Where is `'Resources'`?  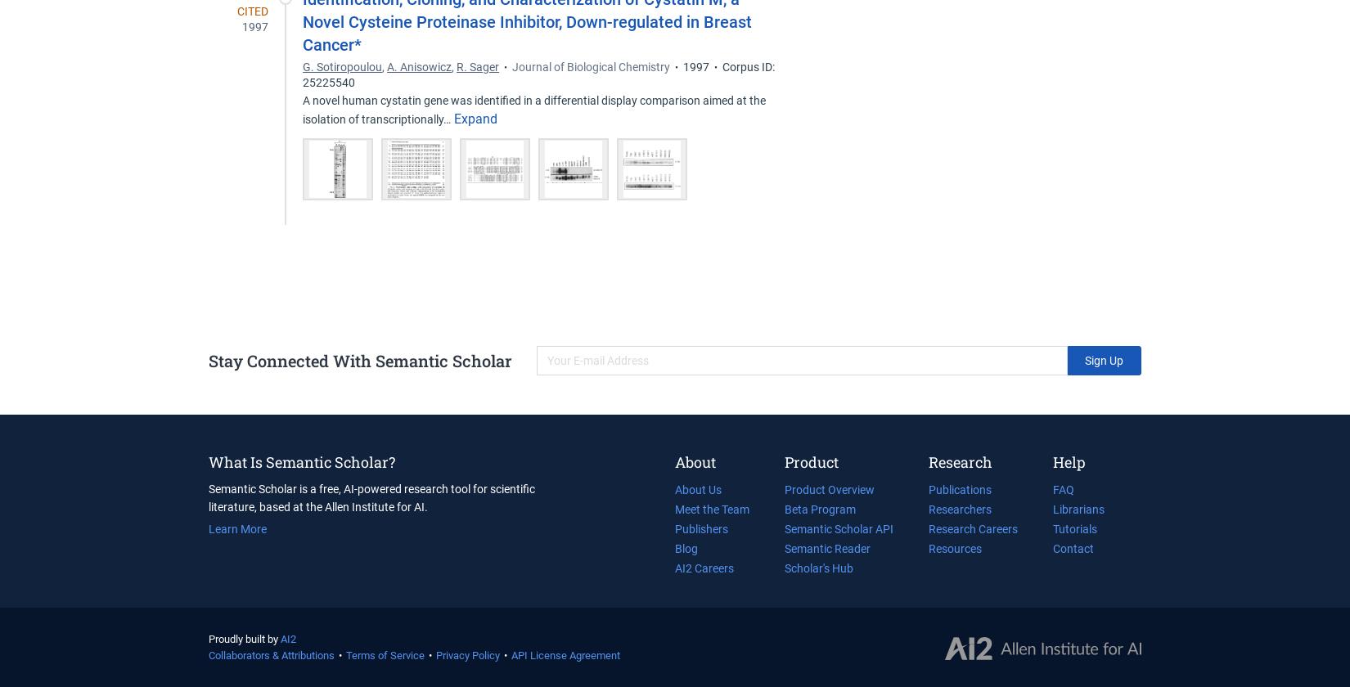
'Resources' is located at coordinates (955, 548).